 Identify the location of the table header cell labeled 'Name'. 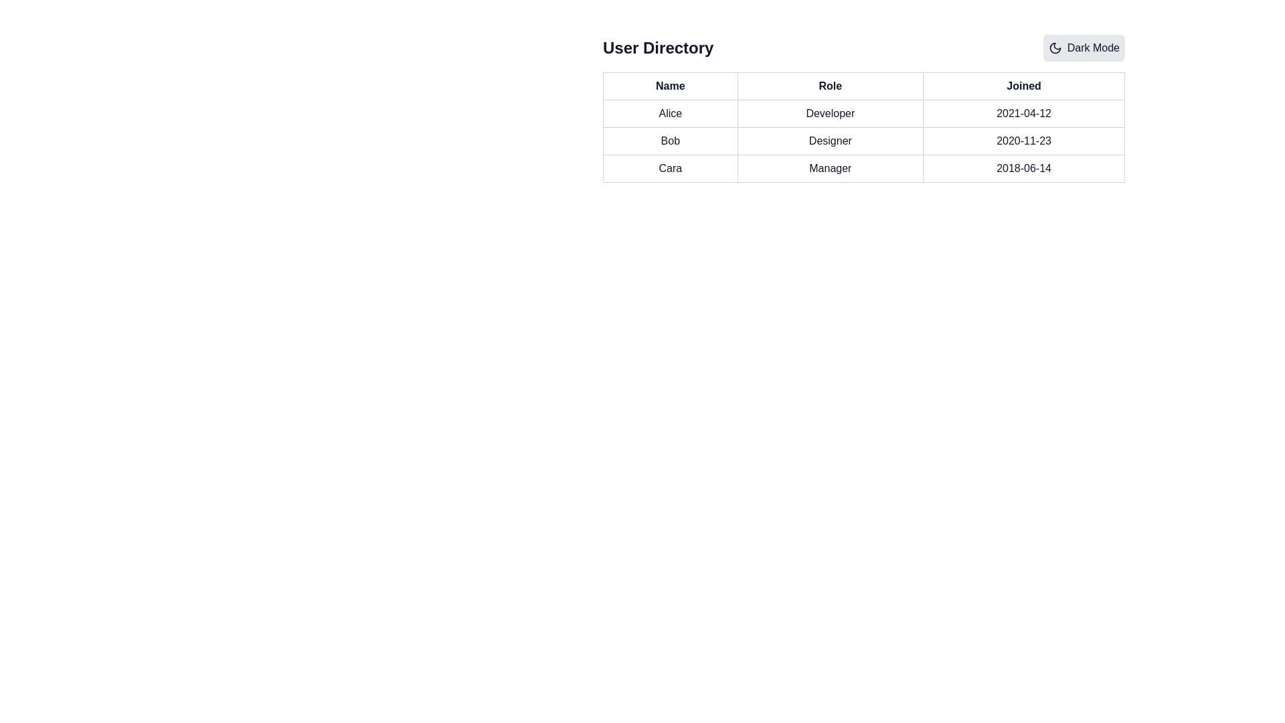
(670, 86).